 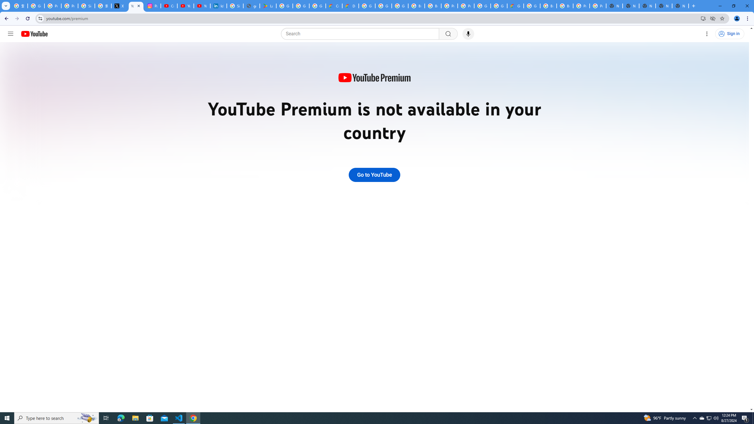 I want to click on 'YouTube Culture & Trends - YouTube Top 10, 2021', so click(x=202, y=6).